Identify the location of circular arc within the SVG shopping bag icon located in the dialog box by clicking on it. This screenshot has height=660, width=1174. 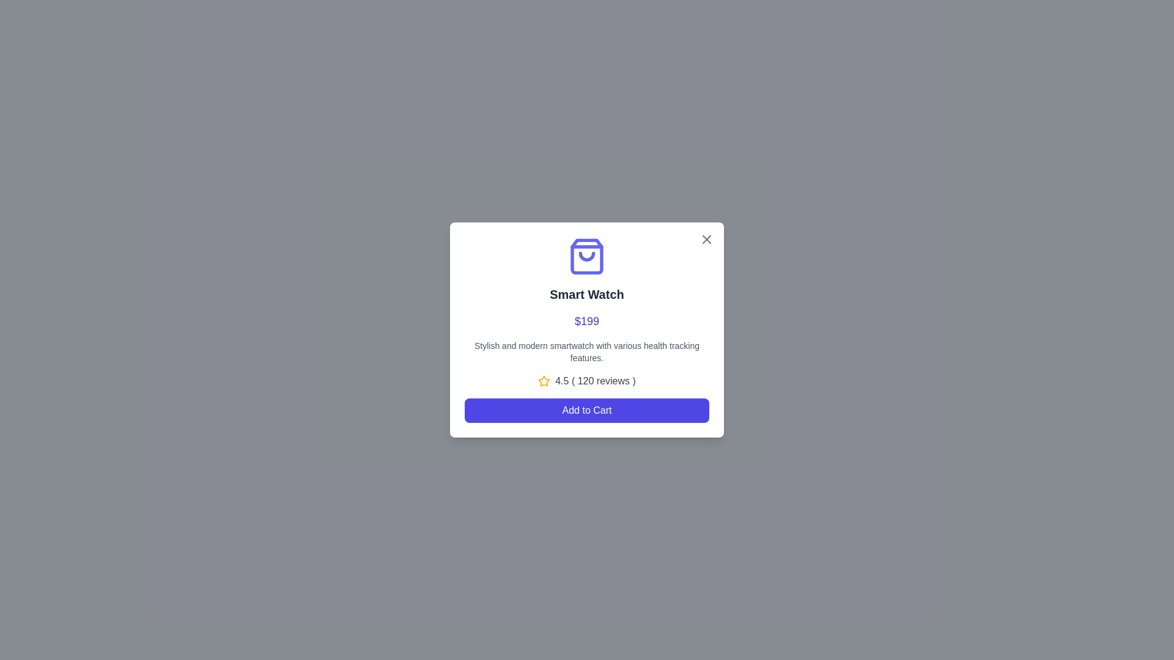
(587, 256).